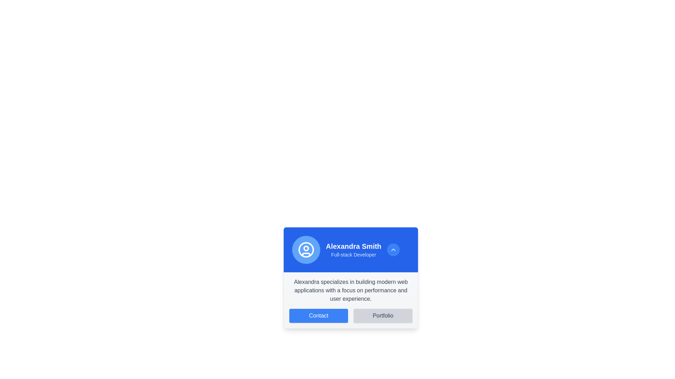 Image resolution: width=675 pixels, height=379 pixels. Describe the element at coordinates (393, 250) in the screenshot. I see `the upward navigation icon located in the top-right corner of the blue header section within the card containing profile details` at that location.